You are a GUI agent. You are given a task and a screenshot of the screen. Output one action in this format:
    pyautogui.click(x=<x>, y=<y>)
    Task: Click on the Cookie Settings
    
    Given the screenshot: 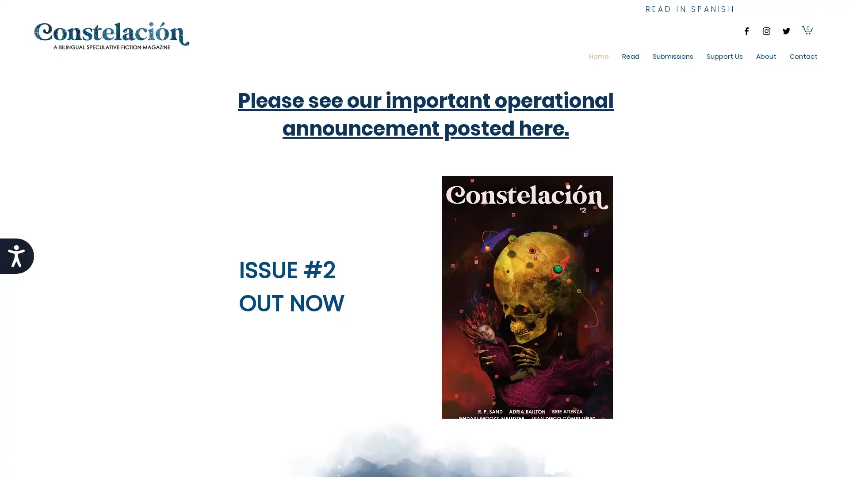 What is the action you would take?
    pyautogui.click(x=753, y=461)
    